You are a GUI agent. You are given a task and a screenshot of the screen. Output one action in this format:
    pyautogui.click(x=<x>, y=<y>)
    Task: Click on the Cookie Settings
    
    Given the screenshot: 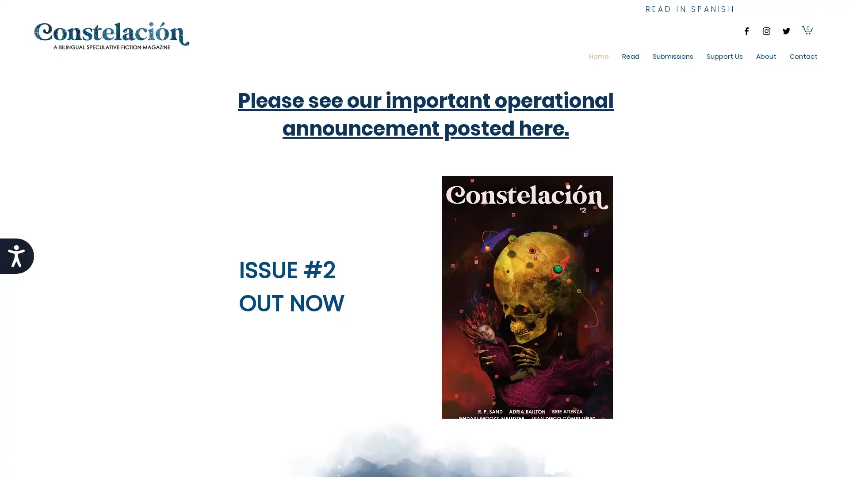 What is the action you would take?
    pyautogui.click(x=753, y=461)
    